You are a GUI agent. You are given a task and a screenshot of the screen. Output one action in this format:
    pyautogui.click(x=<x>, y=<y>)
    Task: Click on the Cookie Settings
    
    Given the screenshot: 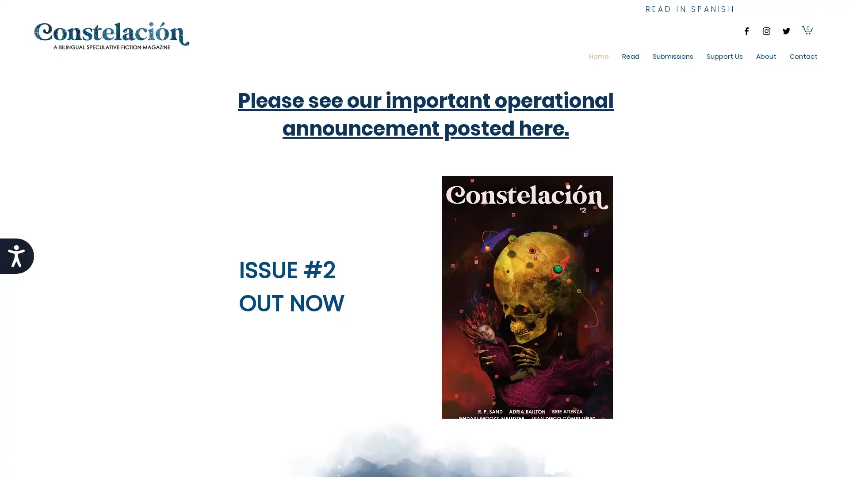 What is the action you would take?
    pyautogui.click(x=753, y=461)
    